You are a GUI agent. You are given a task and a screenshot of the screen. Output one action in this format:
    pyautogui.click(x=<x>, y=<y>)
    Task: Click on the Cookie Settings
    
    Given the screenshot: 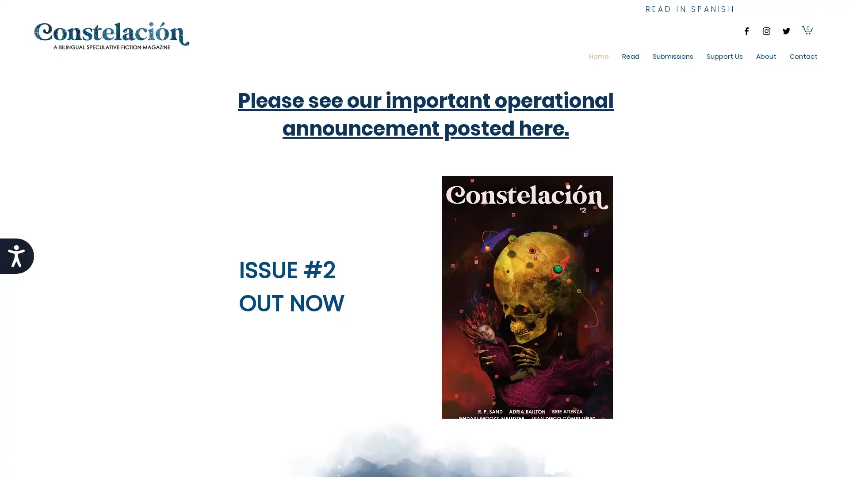 What is the action you would take?
    pyautogui.click(x=753, y=461)
    